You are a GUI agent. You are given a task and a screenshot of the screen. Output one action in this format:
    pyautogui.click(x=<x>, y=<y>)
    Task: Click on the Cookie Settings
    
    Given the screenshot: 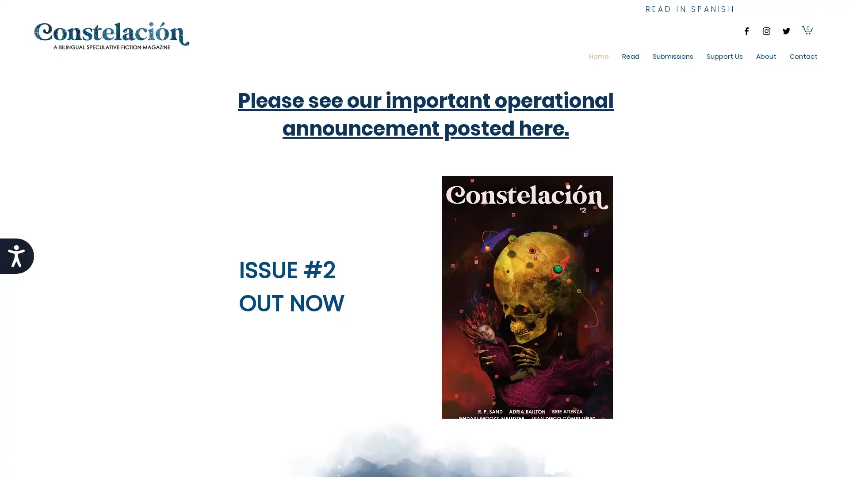 What is the action you would take?
    pyautogui.click(x=753, y=461)
    